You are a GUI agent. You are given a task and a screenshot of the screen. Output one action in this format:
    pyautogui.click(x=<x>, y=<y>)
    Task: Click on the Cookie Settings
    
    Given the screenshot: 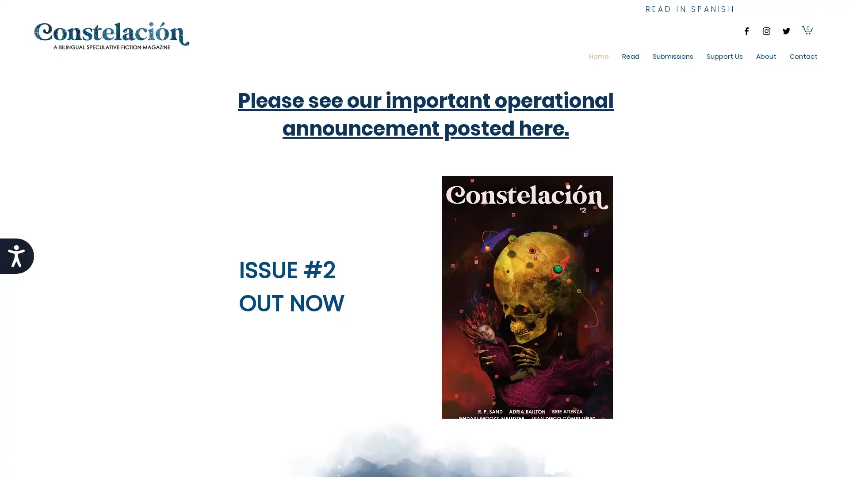 What is the action you would take?
    pyautogui.click(x=753, y=461)
    